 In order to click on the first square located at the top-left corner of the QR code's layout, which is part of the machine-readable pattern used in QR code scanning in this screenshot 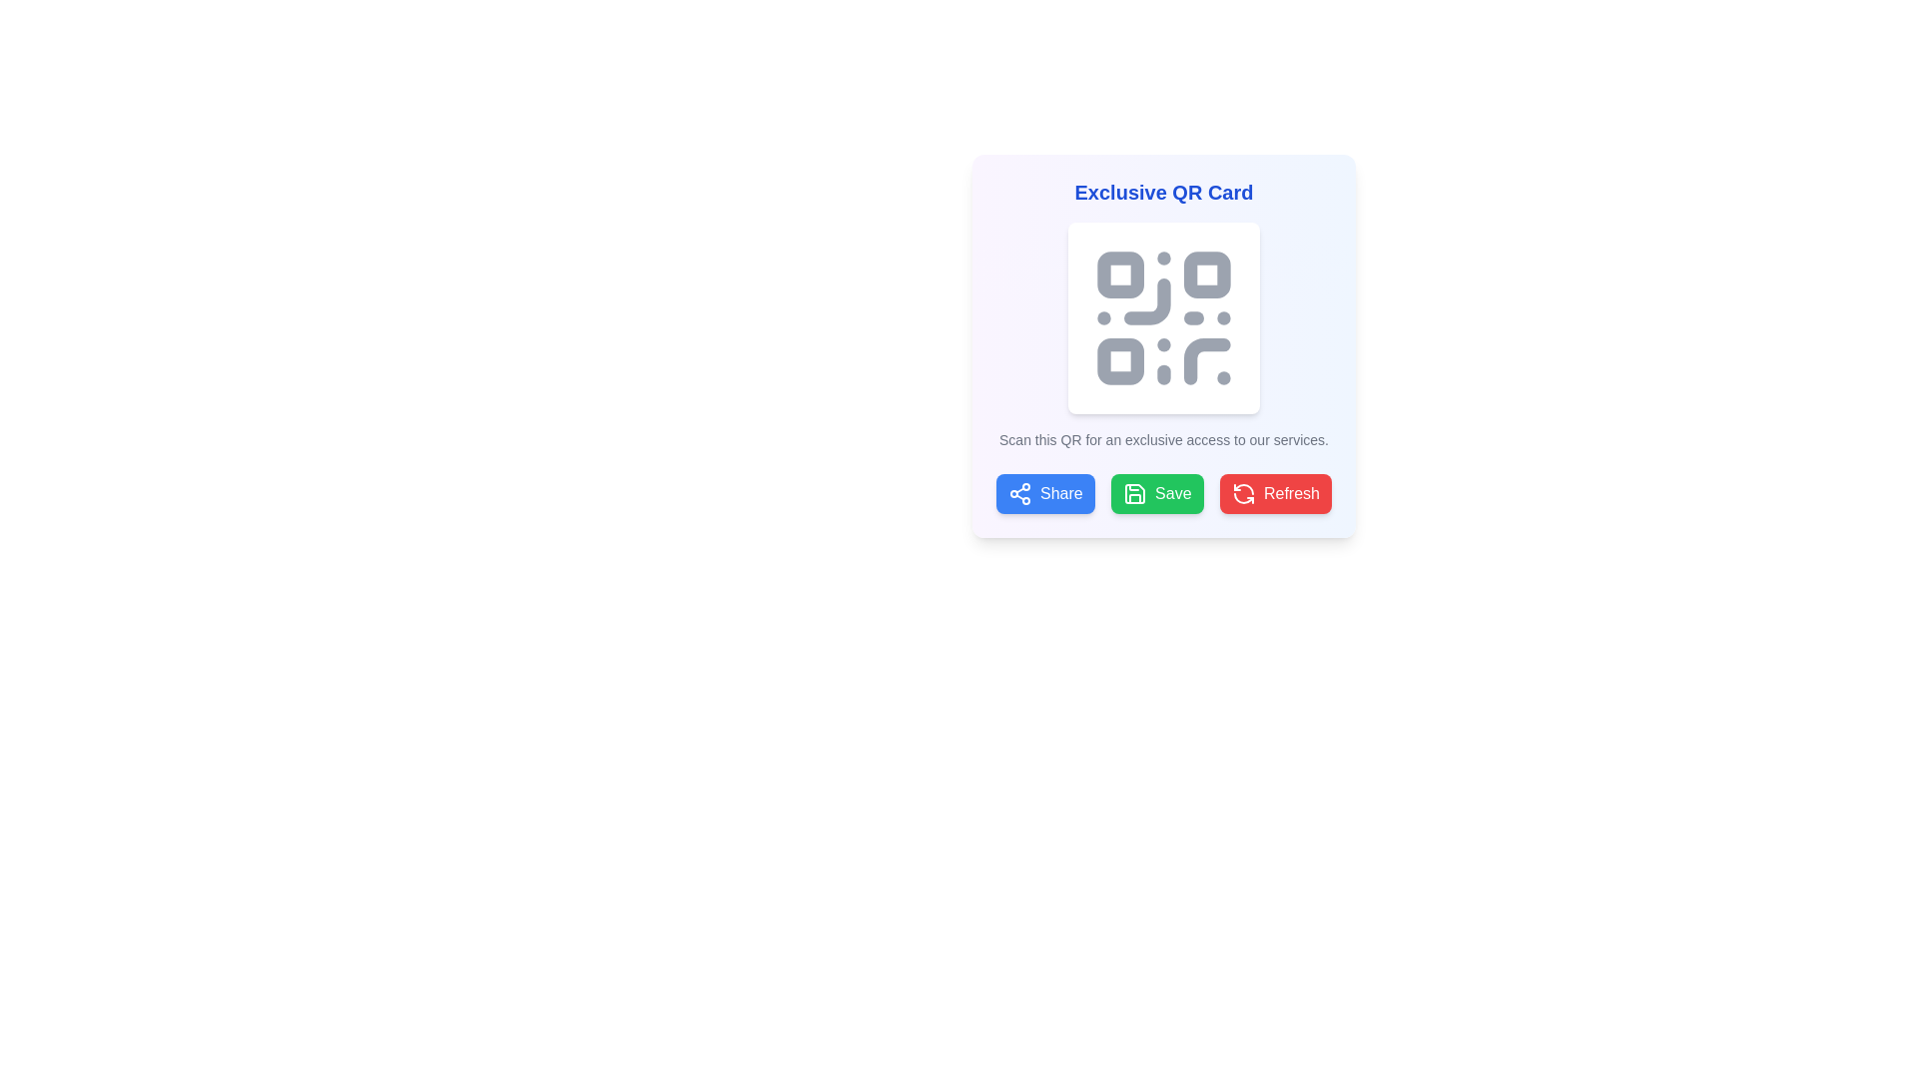, I will do `click(1120, 274)`.